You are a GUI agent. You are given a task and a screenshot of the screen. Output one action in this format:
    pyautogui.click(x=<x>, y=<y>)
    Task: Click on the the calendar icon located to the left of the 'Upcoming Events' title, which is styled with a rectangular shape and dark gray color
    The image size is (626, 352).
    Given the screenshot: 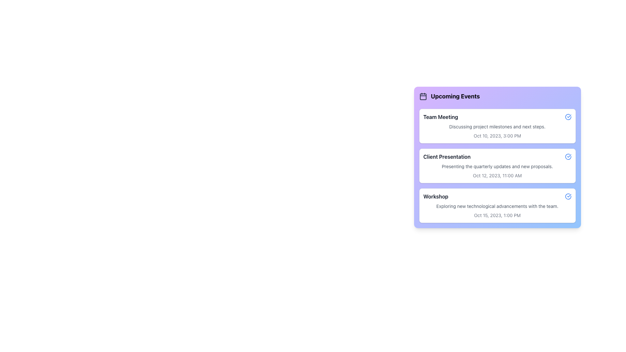 What is the action you would take?
    pyautogui.click(x=423, y=96)
    